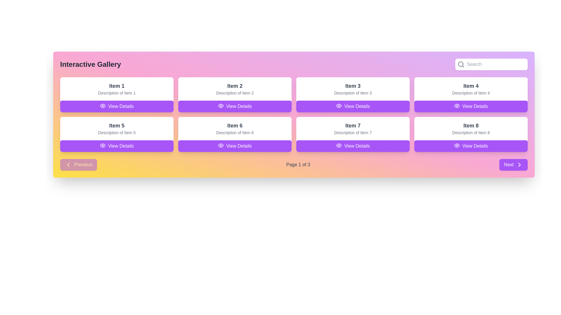 The width and height of the screenshot is (561, 315). Describe the element at coordinates (353, 133) in the screenshot. I see `the text label that provides additional information about 'Item 7', located in the second card from the left, below the header text and above the 'View Details' button` at that location.